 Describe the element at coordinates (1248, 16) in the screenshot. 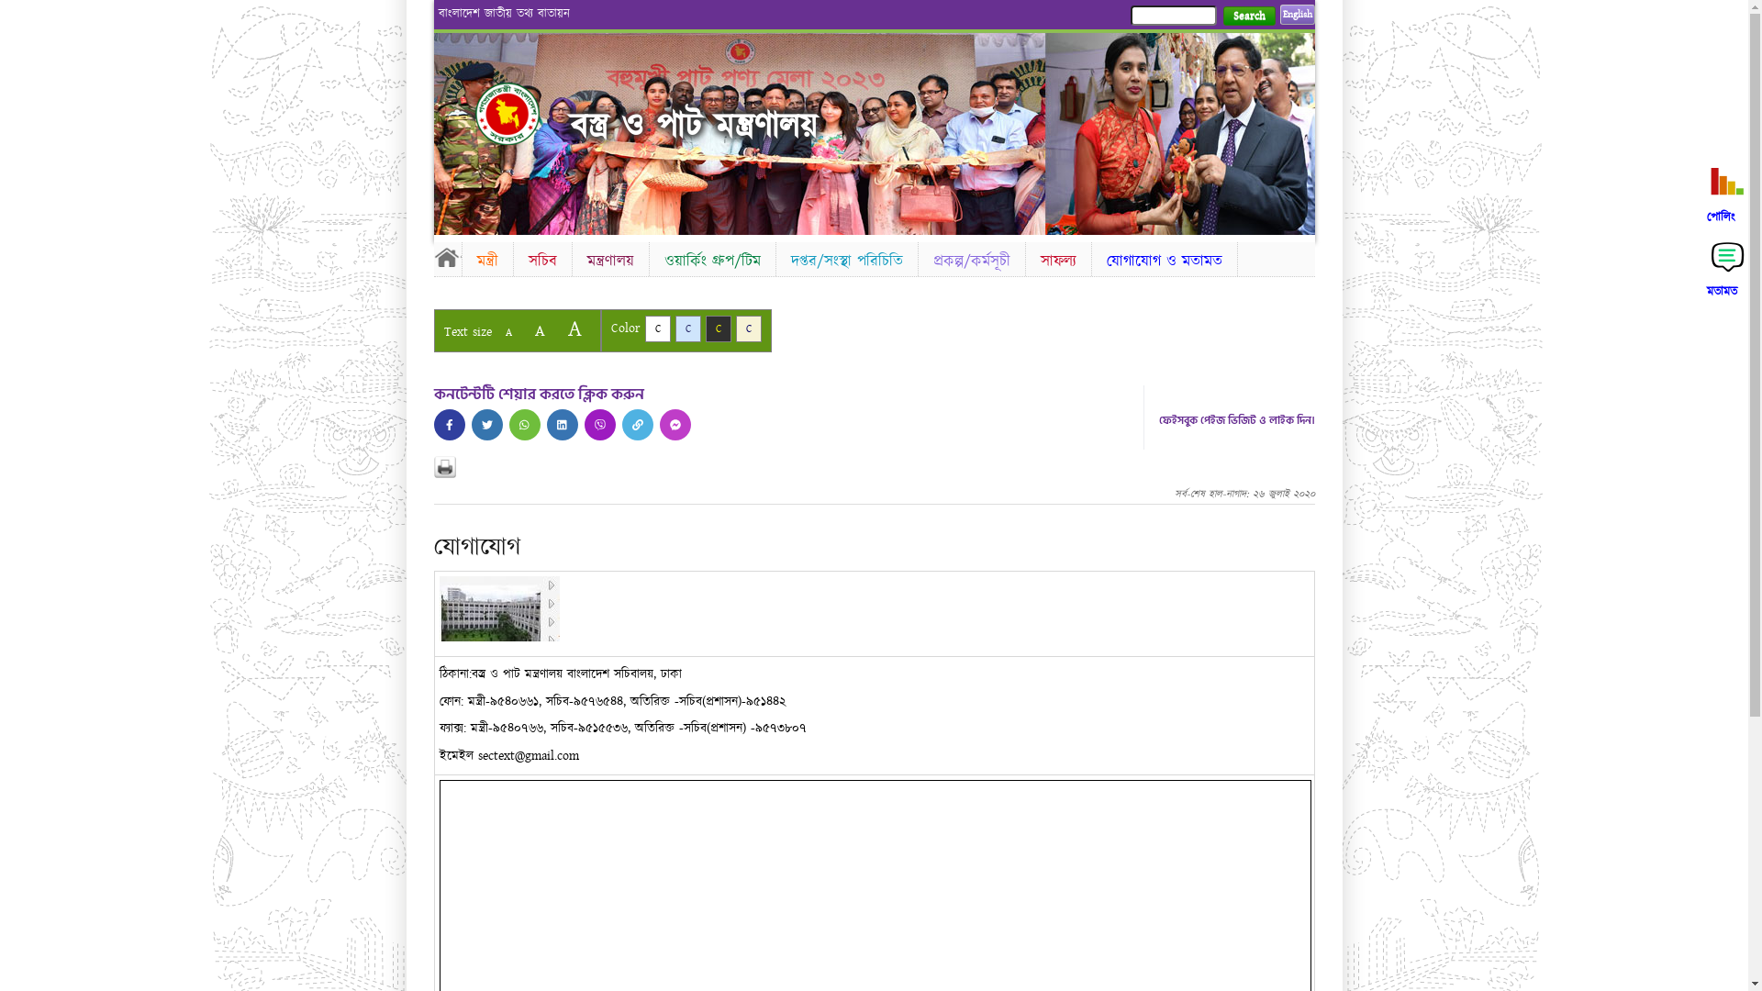

I see `'Search'` at that location.